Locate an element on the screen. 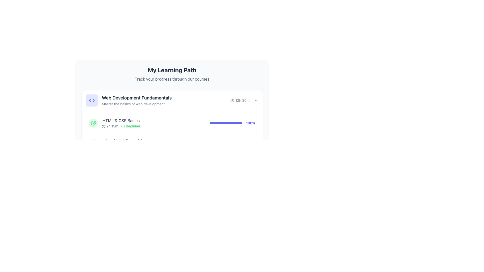  the circular element that is part of the clock icon, which is visually styled with an outline stroke and positioned at the center of the clock icon is located at coordinates (232, 100).